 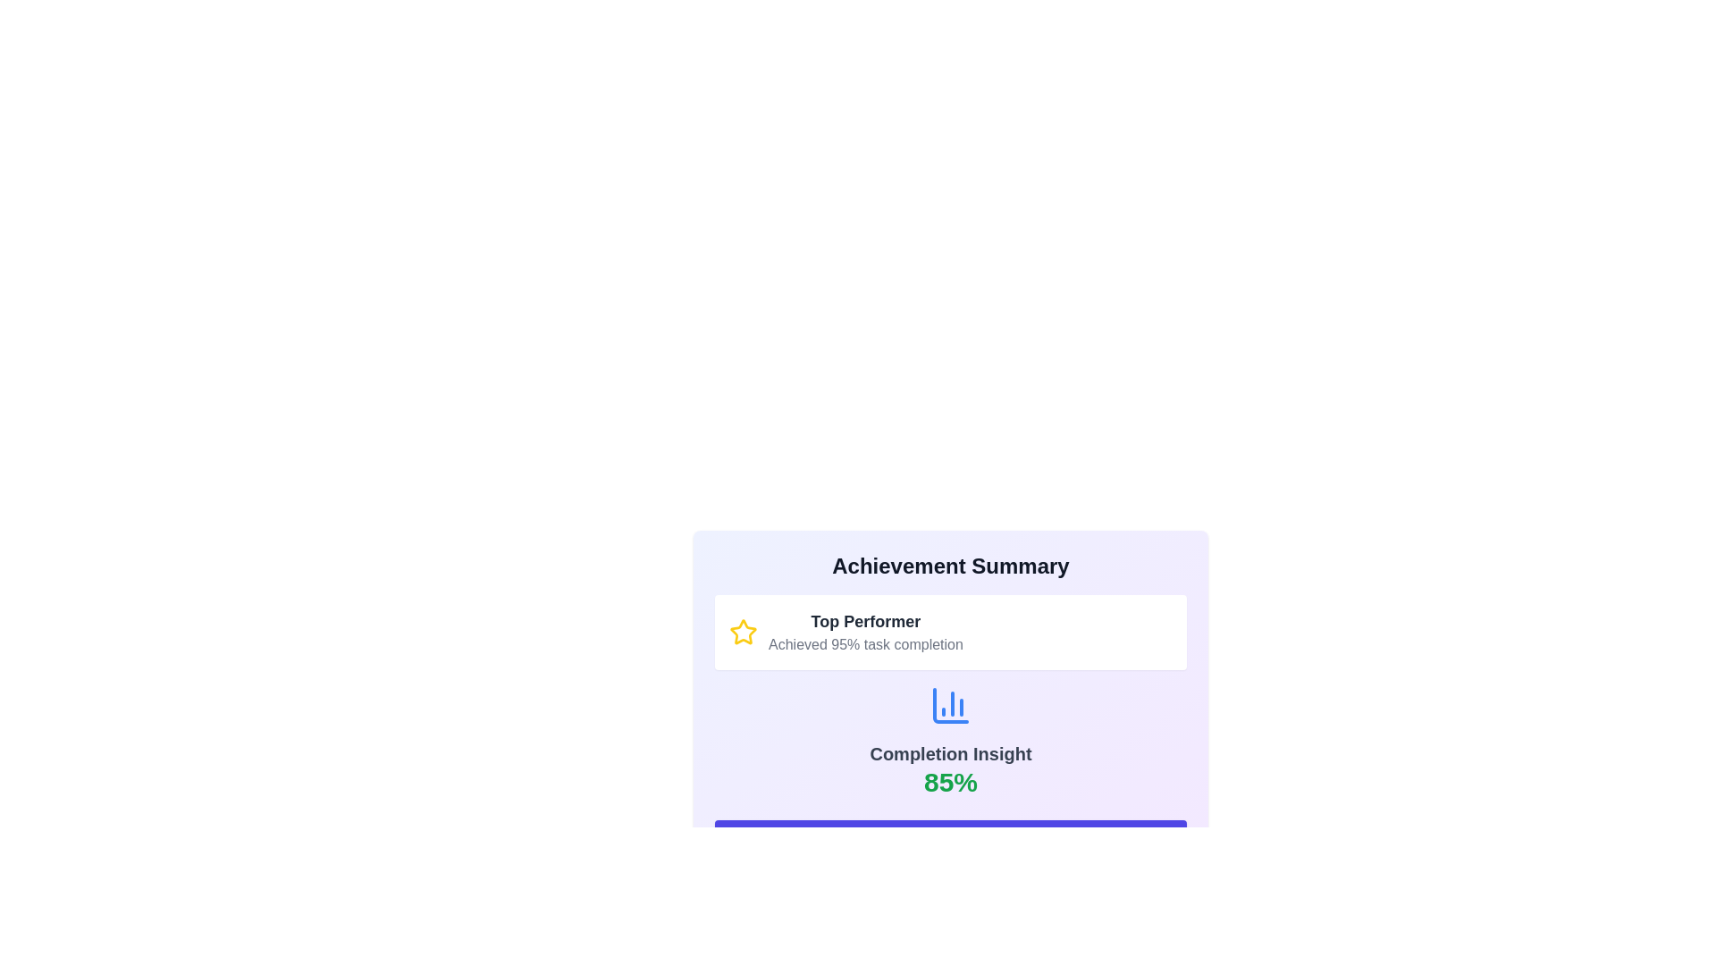 I want to click on the star icon with a yellow border and hollow center located next to the 'Top Performer' label, so click(x=743, y=631).